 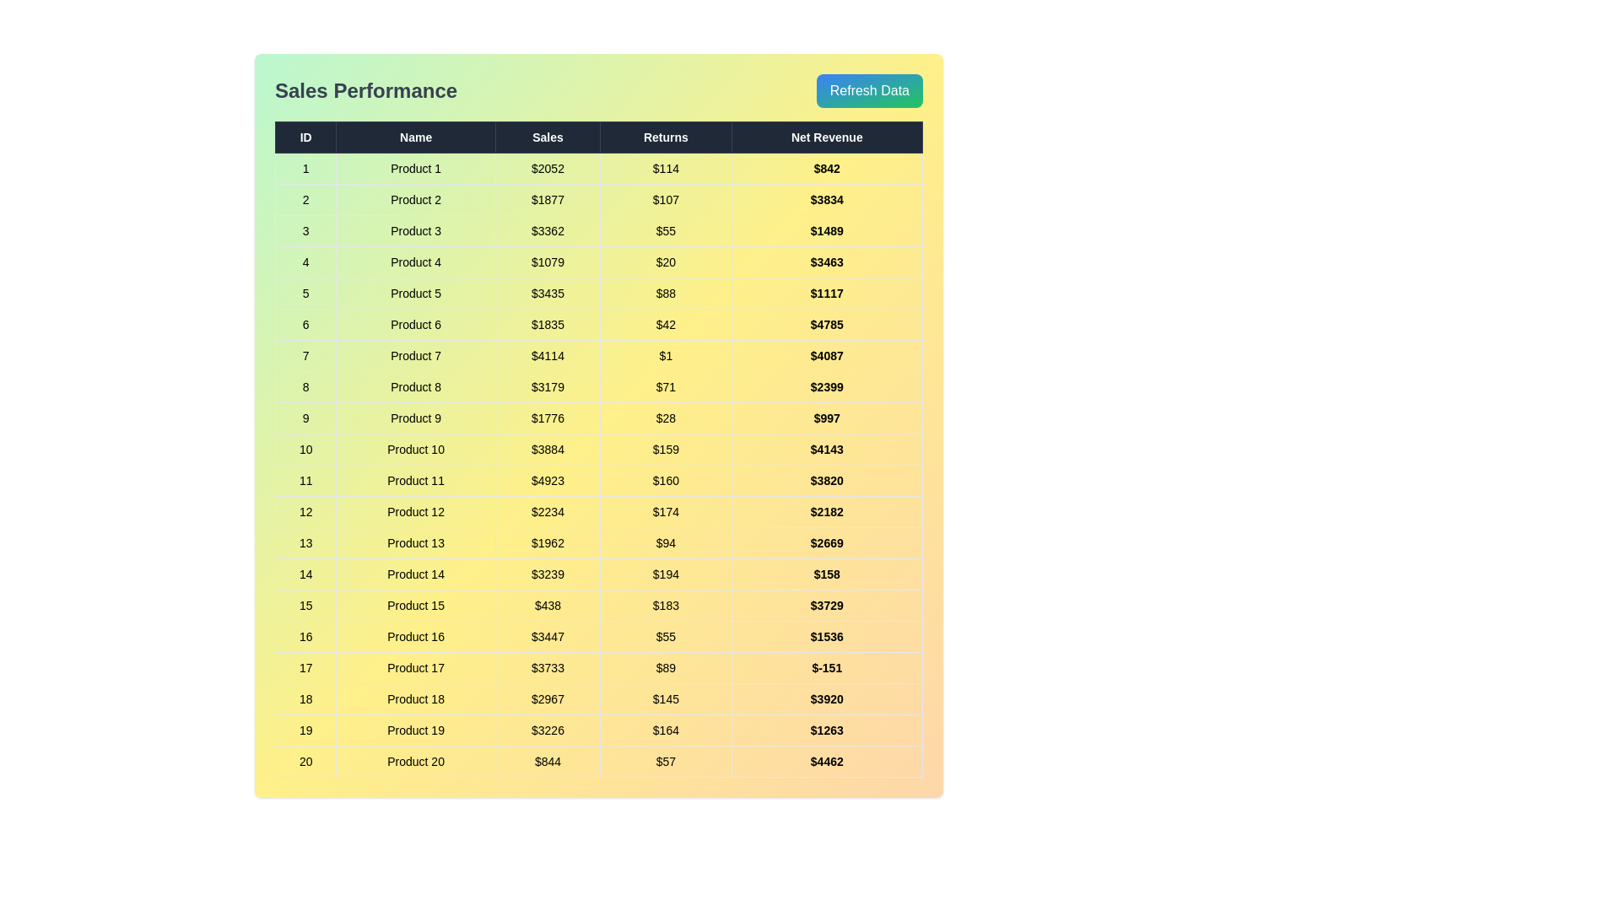 What do you see at coordinates (665, 136) in the screenshot?
I see `the column header Returns to sort the data by that column` at bounding box center [665, 136].